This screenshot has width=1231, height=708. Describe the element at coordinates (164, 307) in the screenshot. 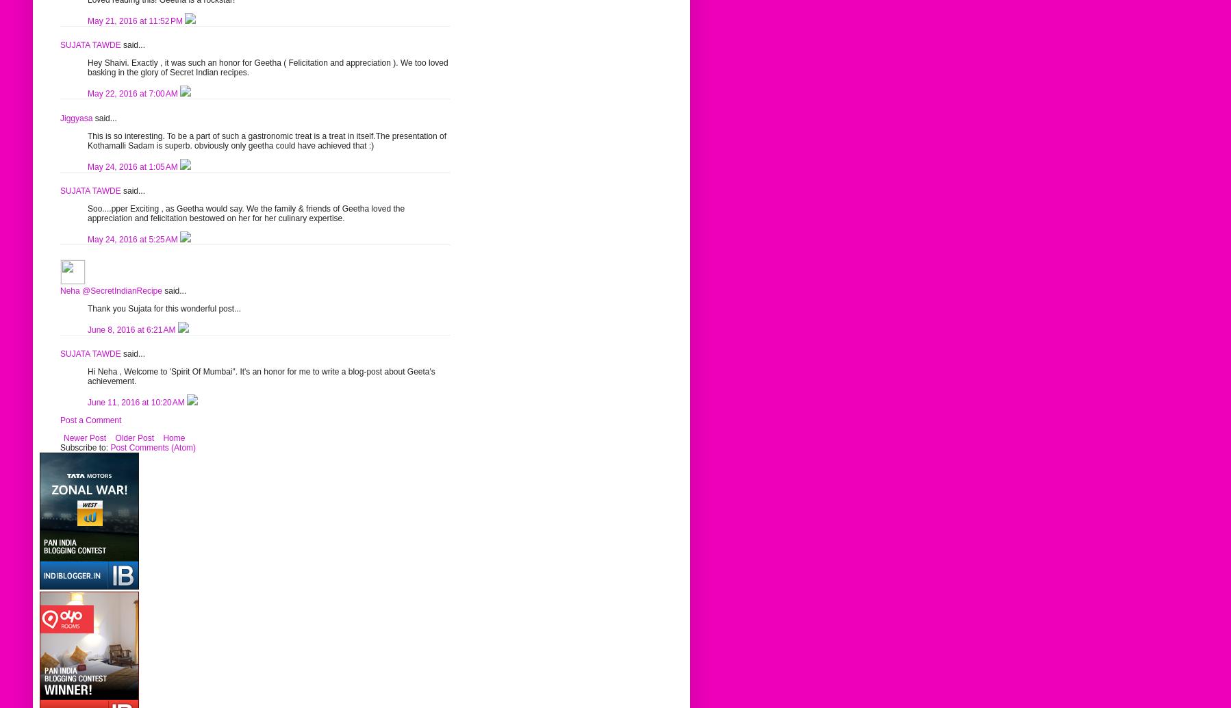

I see `'Thank you Sujata for this wonderful post...'` at that location.